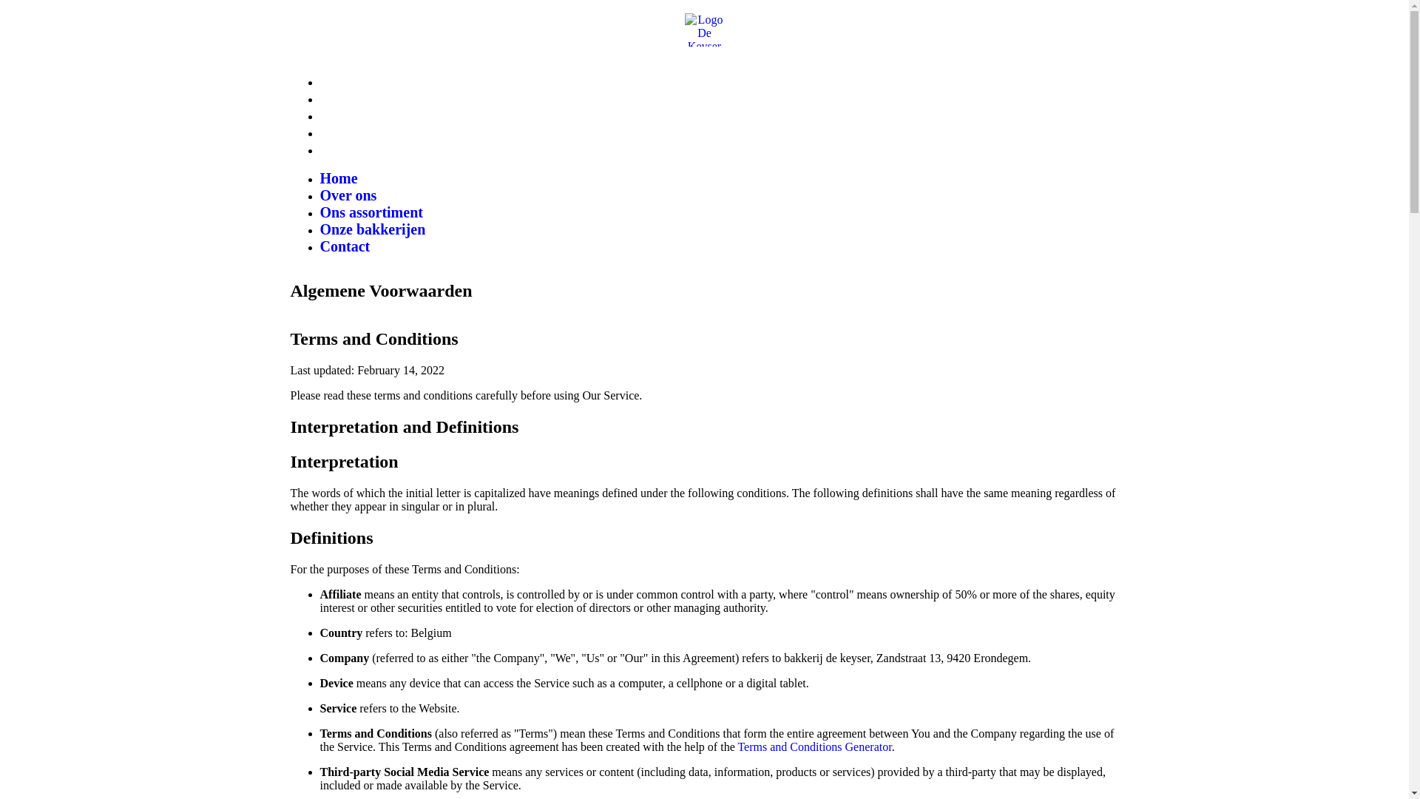  What do you see at coordinates (343, 245) in the screenshot?
I see `'Contact'` at bounding box center [343, 245].